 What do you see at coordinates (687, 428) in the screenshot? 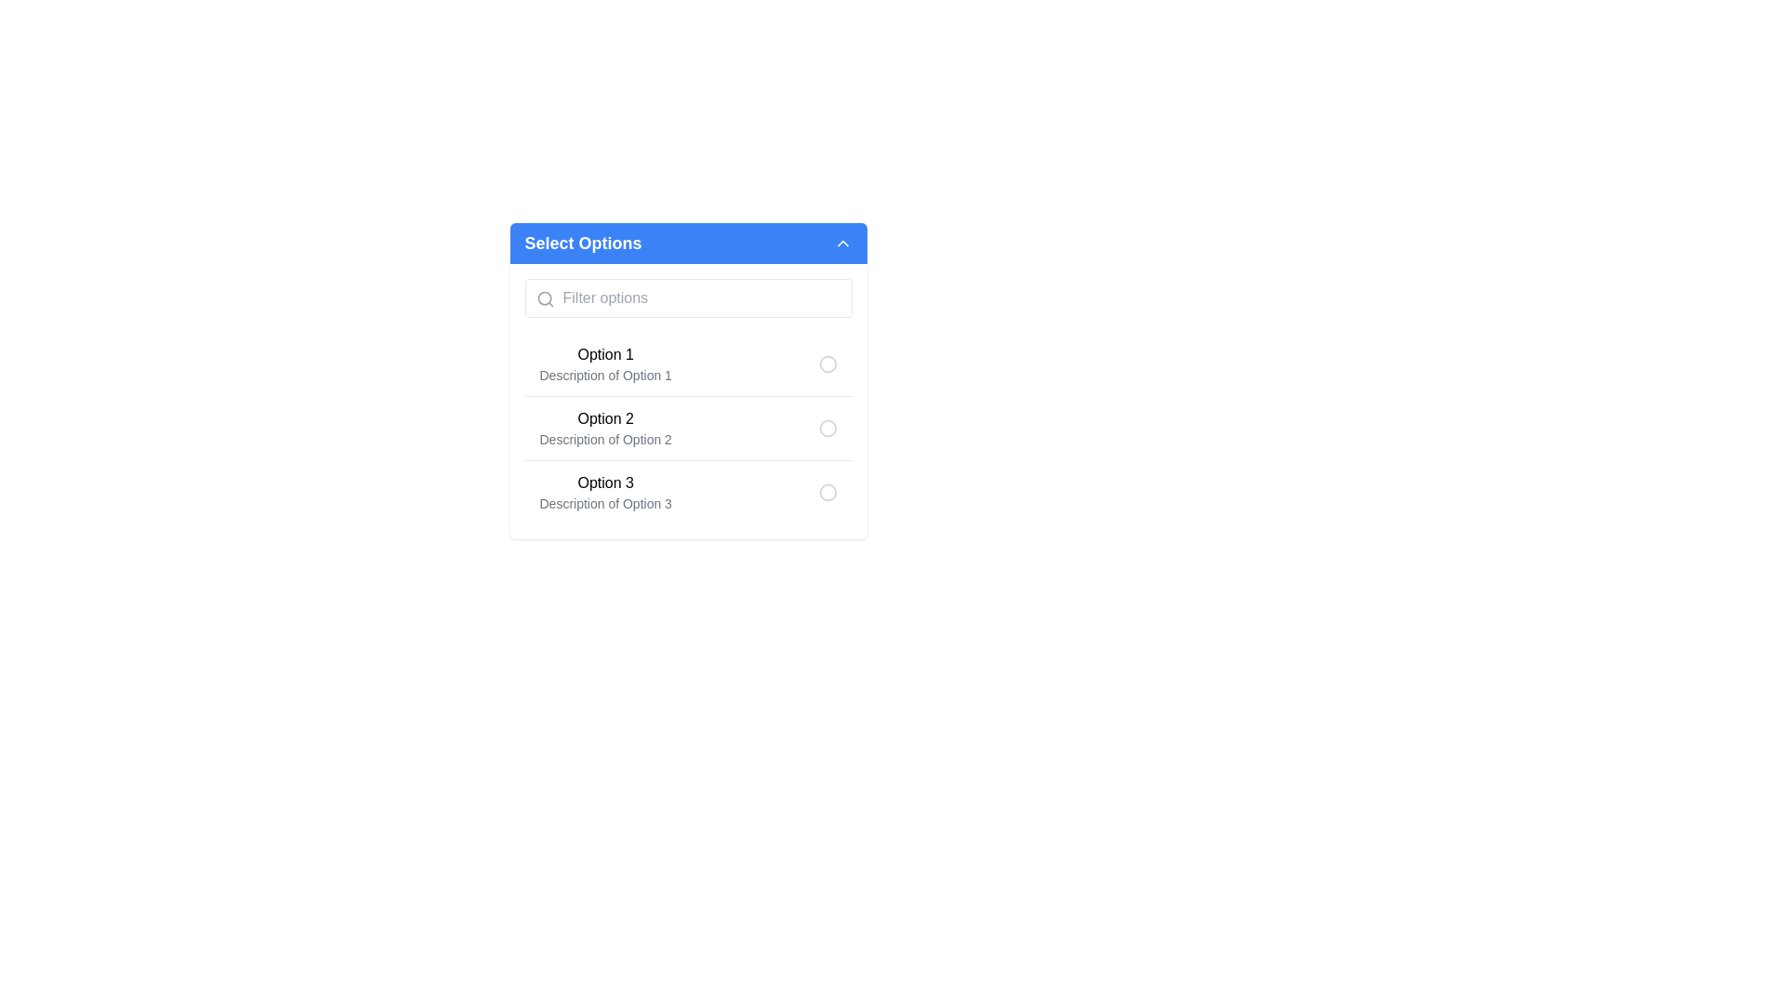
I see `the second selectable list item located below 'Option 1' and above 'Option 3'` at bounding box center [687, 428].